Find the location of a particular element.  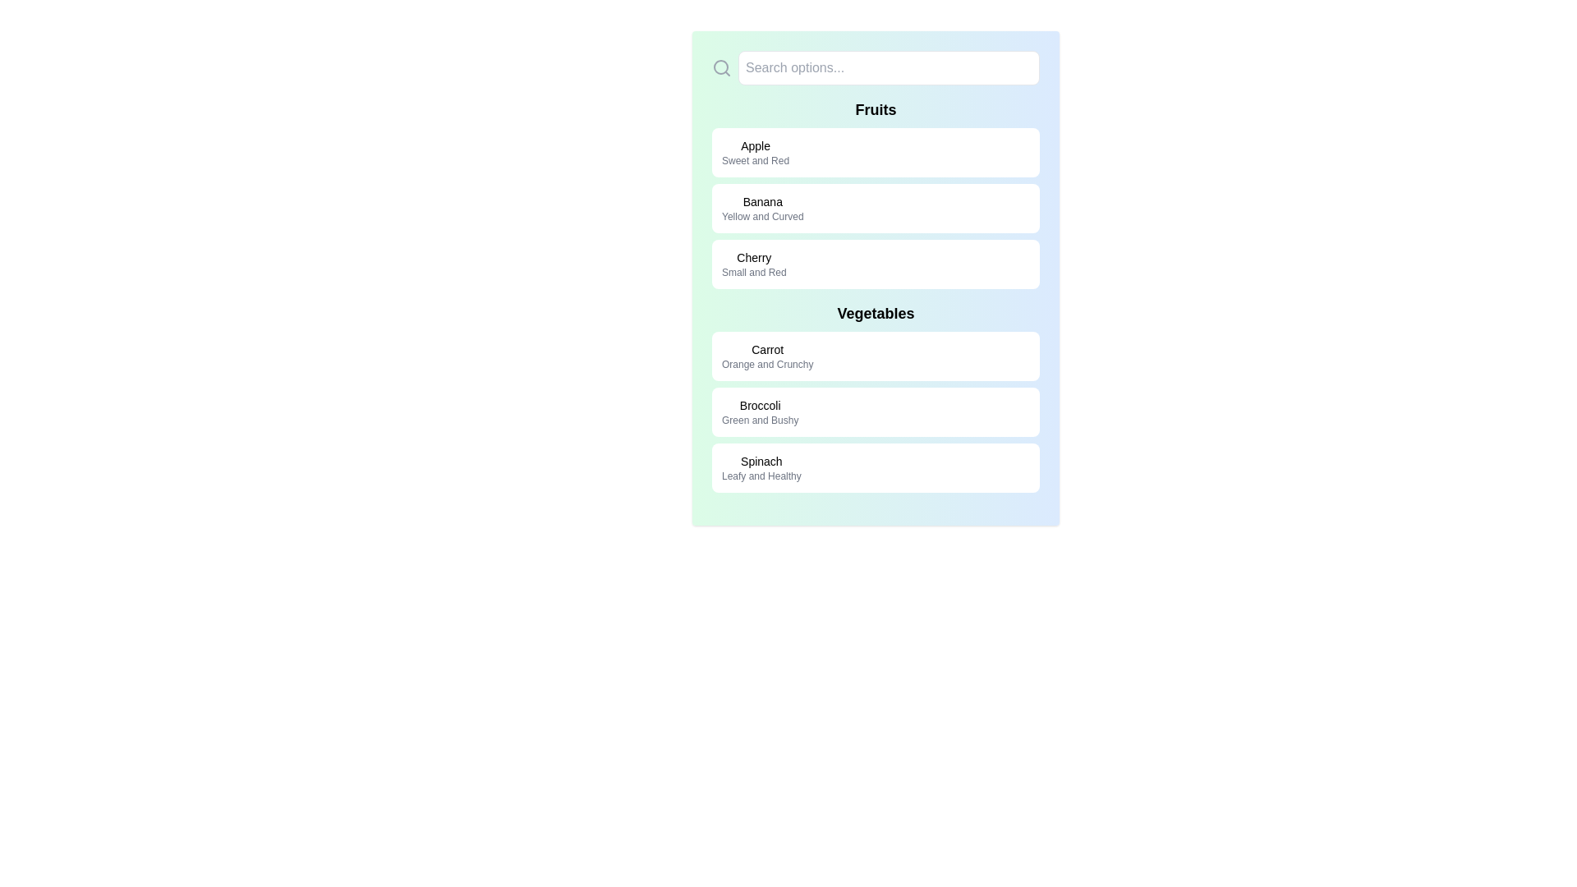

the informational card displaying 'Broccoli' with the description 'Green and Bushy', which is the second item in the vertical list under the 'Vegetables' section is located at coordinates (875, 411).